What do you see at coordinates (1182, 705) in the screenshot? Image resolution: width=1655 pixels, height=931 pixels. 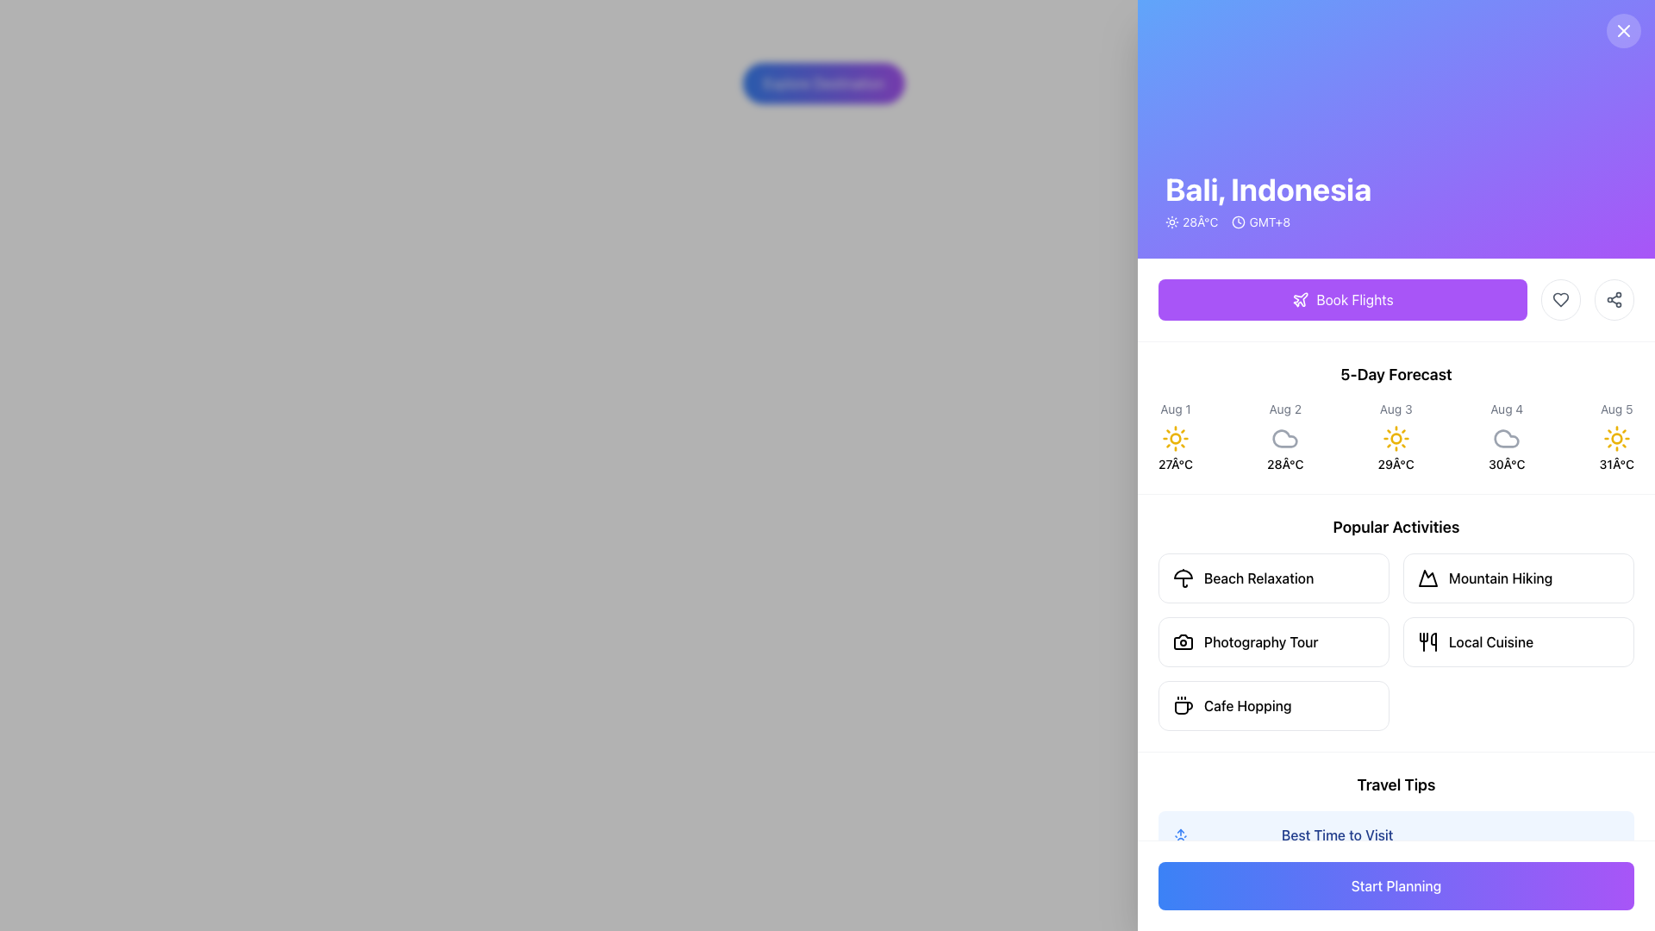 I see `the coffee-related icon located to the left of the 'Cafe Hopping' text within the card labeled 'Cafe Hopping'` at bounding box center [1182, 705].